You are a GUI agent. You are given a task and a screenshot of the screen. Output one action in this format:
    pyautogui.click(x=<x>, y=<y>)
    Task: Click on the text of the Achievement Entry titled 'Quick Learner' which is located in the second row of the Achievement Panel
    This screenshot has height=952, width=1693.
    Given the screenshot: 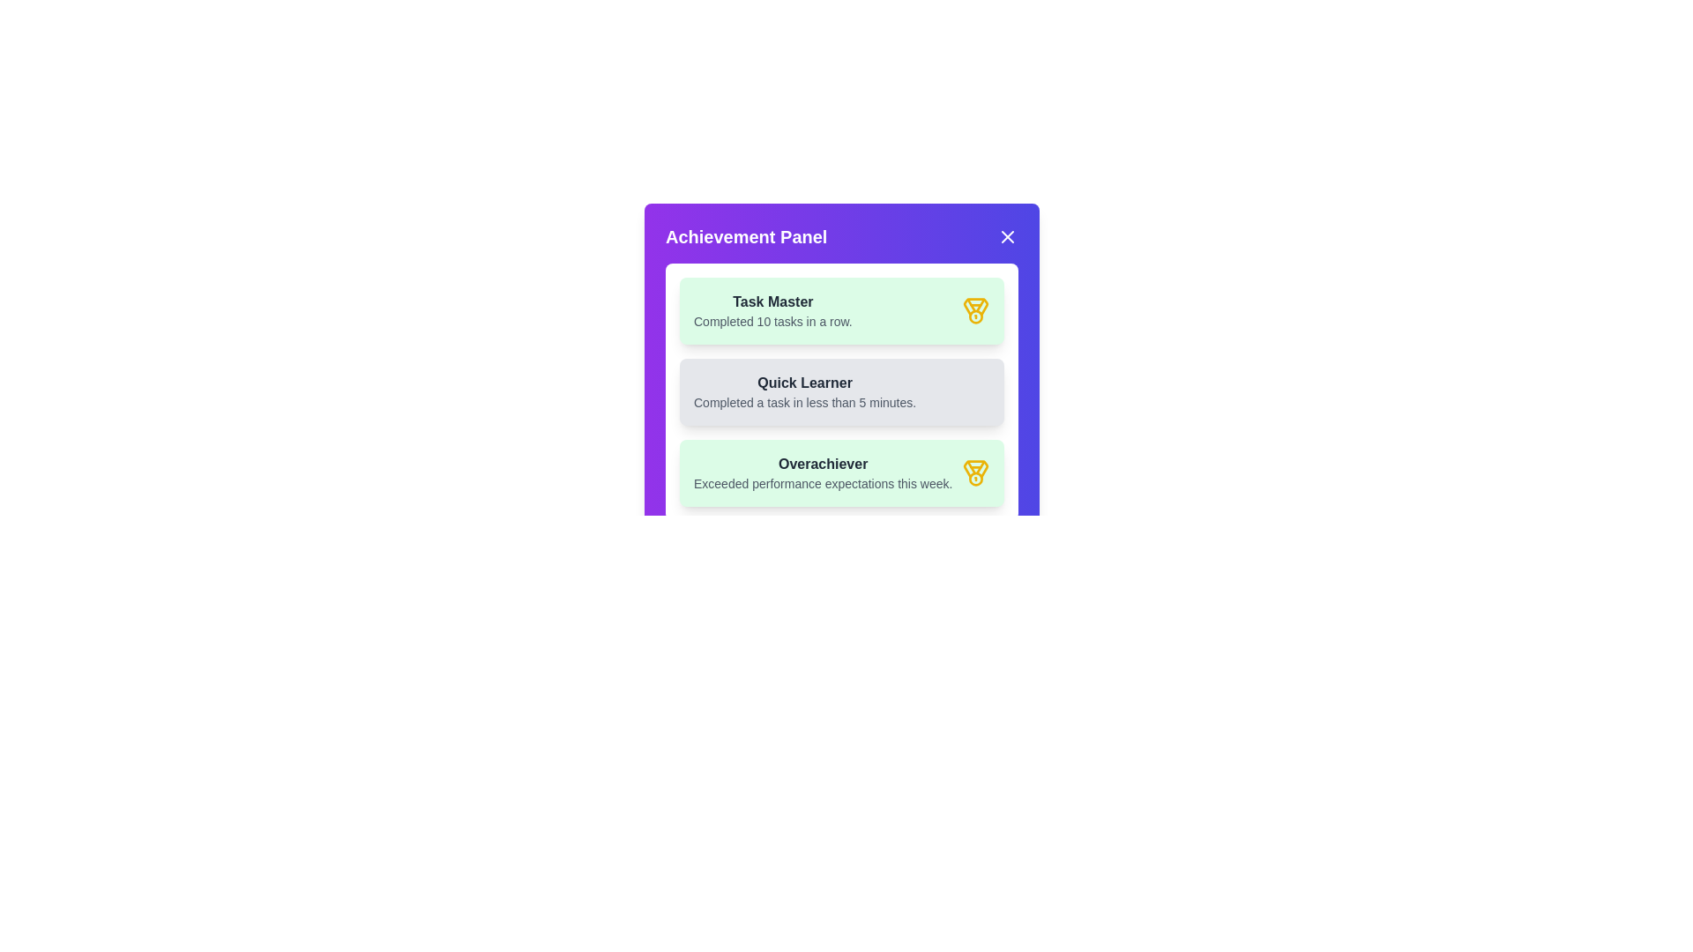 What is the action you would take?
    pyautogui.click(x=804, y=390)
    